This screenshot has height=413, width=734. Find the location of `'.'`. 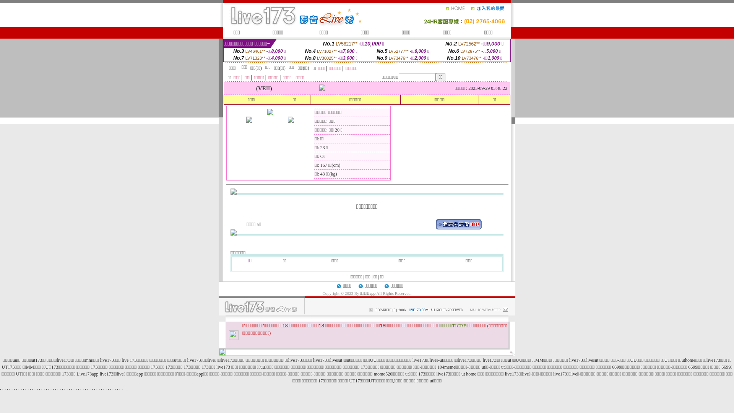

'.' is located at coordinates (53, 388).